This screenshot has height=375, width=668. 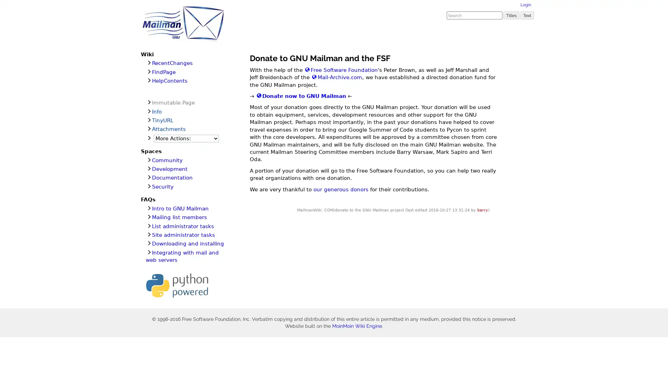 What do you see at coordinates (527, 15) in the screenshot?
I see `Text` at bounding box center [527, 15].